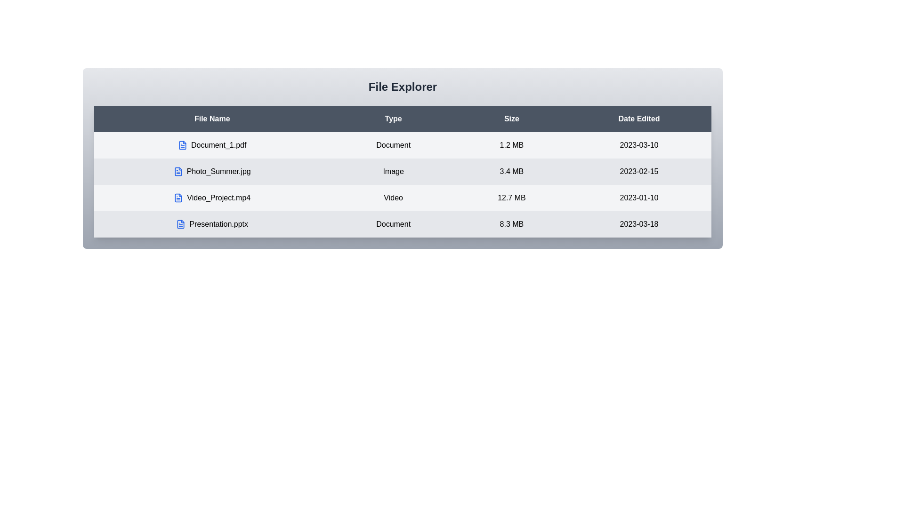 The width and height of the screenshot is (904, 508). Describe the element at coordinates (211, 119) in the screenshot. I see `the column header labeled 'File Name' to sort the table by that column` at that location.